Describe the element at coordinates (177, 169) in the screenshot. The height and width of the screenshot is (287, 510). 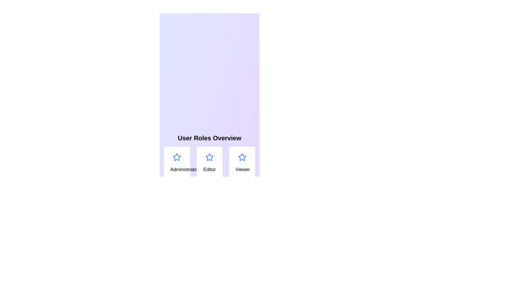
I see `text label displaying 'Administrator' located at the center-bottom of the card layout` at that location.